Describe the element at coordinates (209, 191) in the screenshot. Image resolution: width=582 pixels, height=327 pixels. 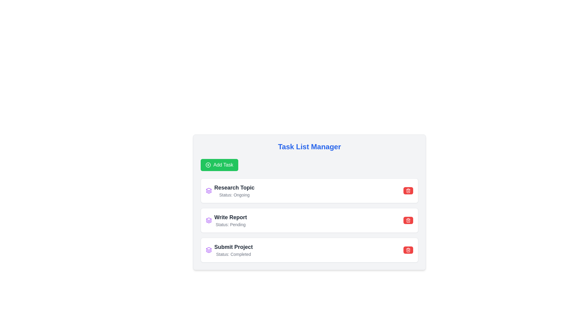
I see `the middle layer of the stacked layers icon in the task management interface, which is styled in purple and located next to the 'Write Report' task item` at that location.